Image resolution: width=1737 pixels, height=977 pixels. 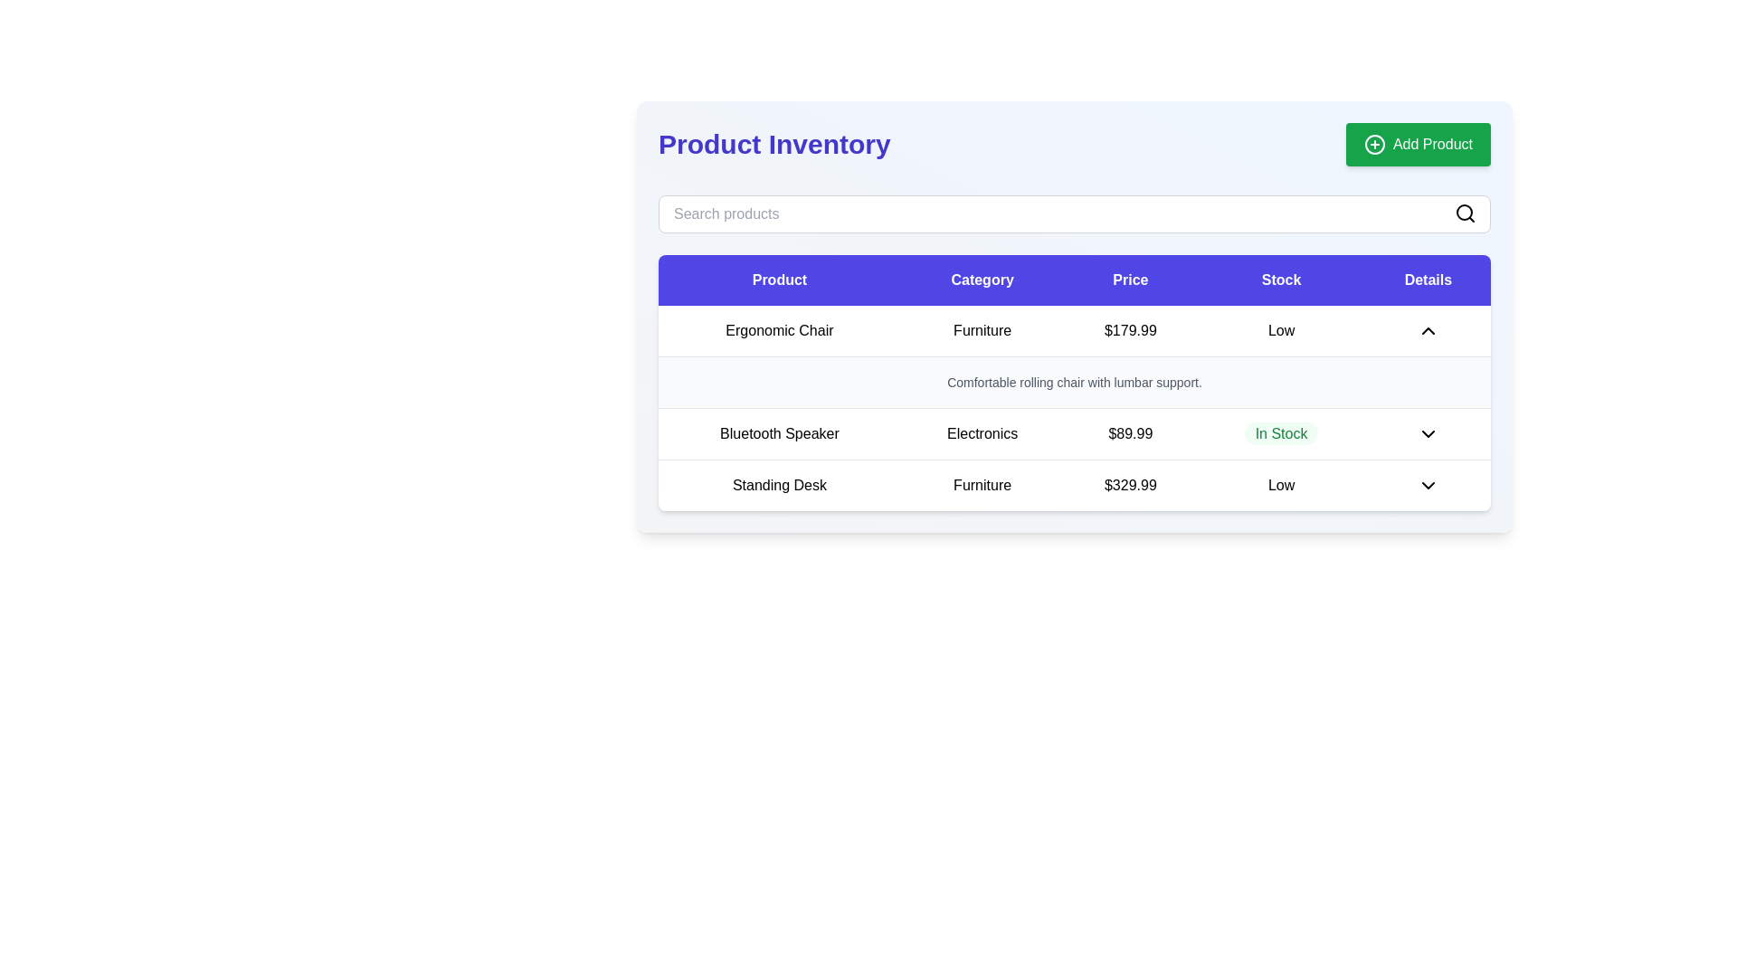 I want to click on the upward-facing chevron icon in the 'Details' column of the product inventory table for the product 'Ergonomic Chair', so click(x=1427, y=331).